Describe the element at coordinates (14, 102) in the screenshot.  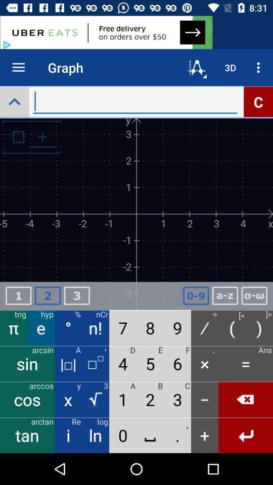
I see `search option` at that location.